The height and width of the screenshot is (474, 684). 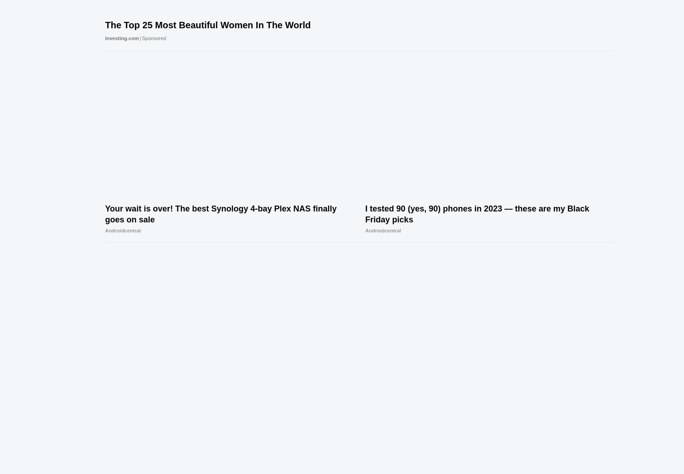 What do you see at coordinates (274, 463) in the screenshot?
I see `'Cookies Policies'` at bounding box center [274, 463].